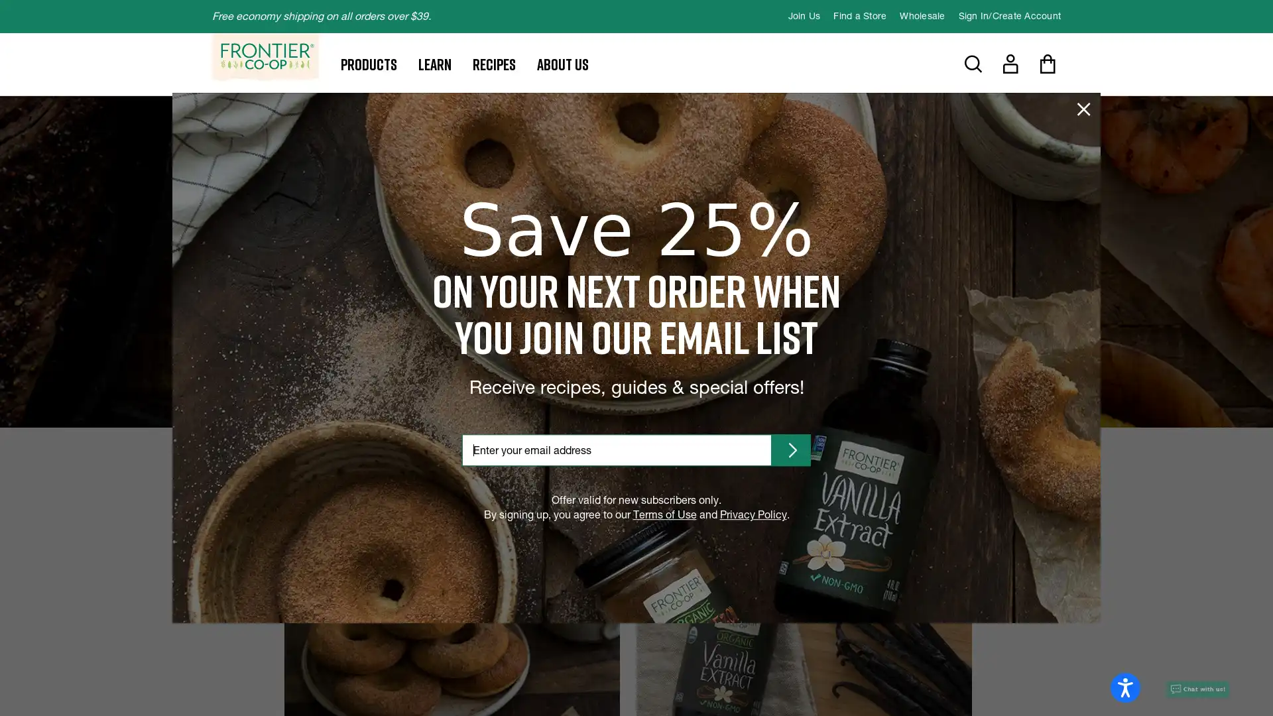  Describe the element at coordinates (791, 449) in the screenshot. I see `ltkpopup-arrow-btn` at that location.